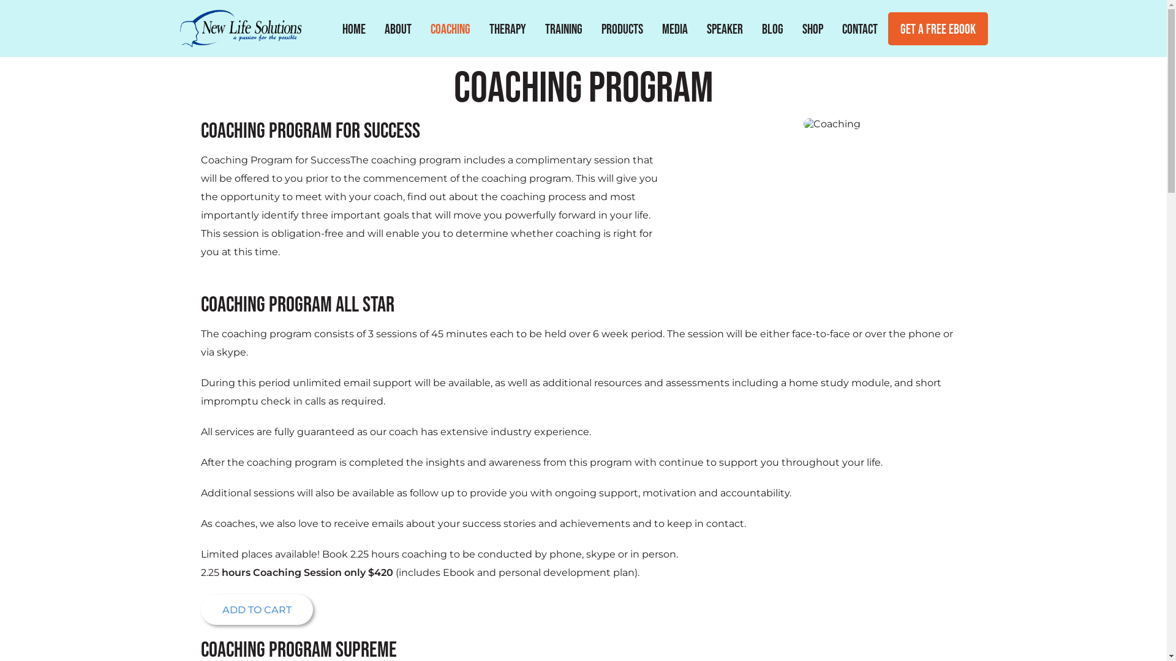 The image size is (1176, 661). I want to click on 'TRAINING', so click(562, 28).